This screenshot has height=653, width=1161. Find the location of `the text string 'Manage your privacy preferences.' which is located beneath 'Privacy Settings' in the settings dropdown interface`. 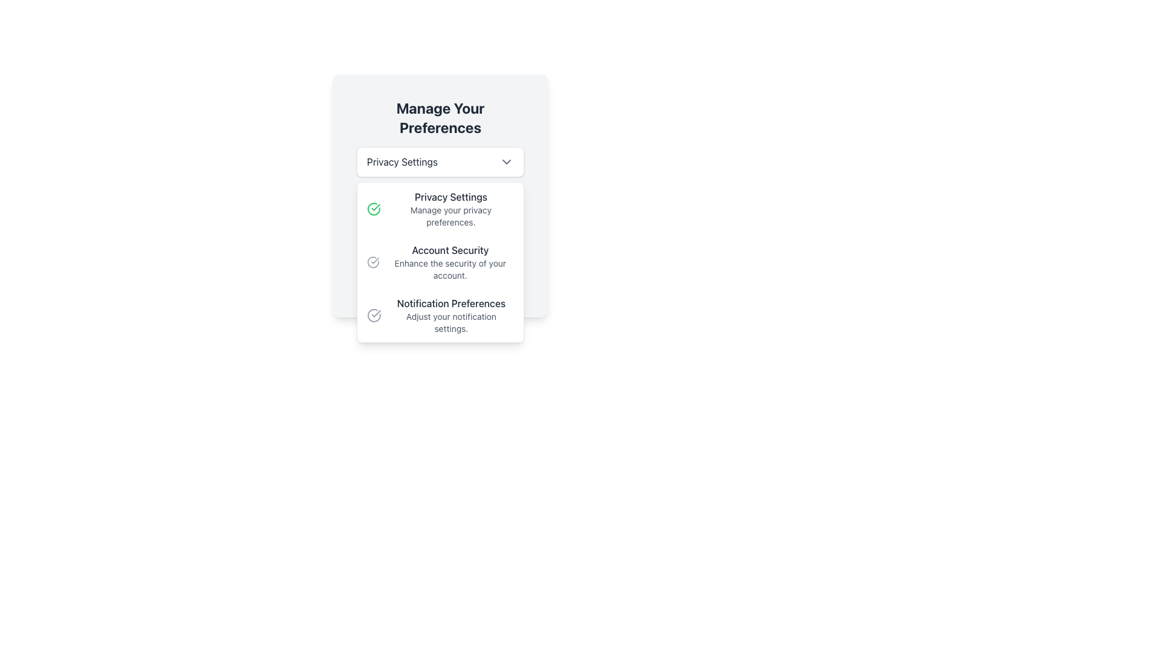

the text string 'Manage your privacy preferences.' which is located beneath 'Privacy Settings' in the settings dropdown interface is located at coordinates (441, 230).